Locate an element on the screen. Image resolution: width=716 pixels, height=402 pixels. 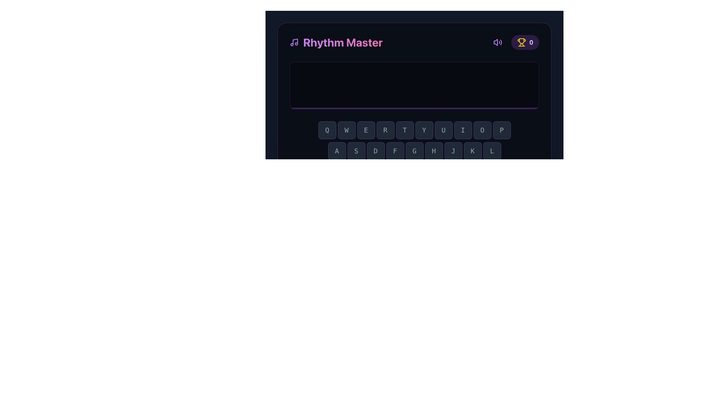
the virtual keyboard input row element to input the corresponding letter is located at coordinates (414, 130).